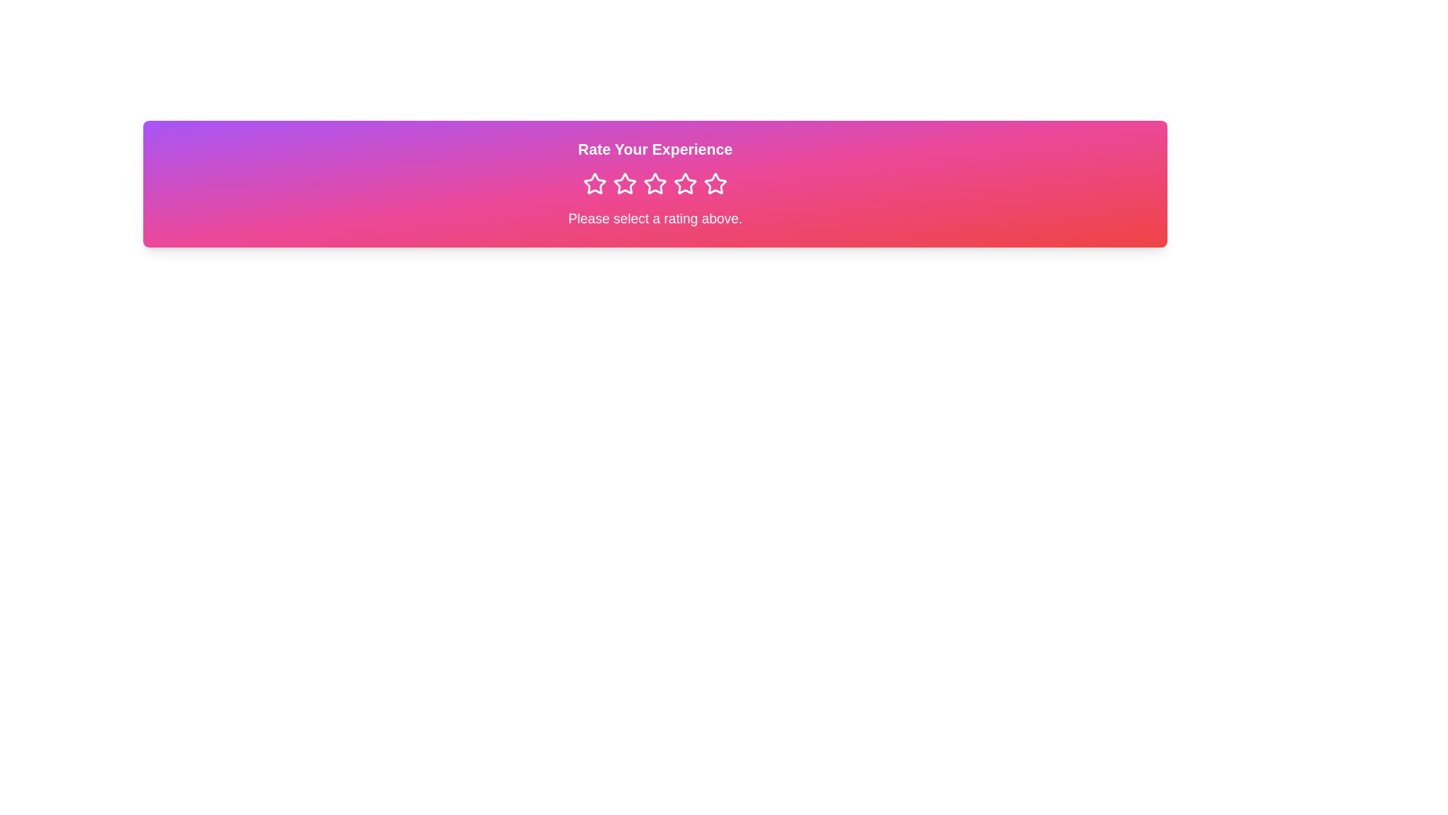 This screenshot has height=815, width=1448. Describe the element at coordinates (714, 183) in the screenshot. I see `the fourth star icon in the rating interface` at that location.